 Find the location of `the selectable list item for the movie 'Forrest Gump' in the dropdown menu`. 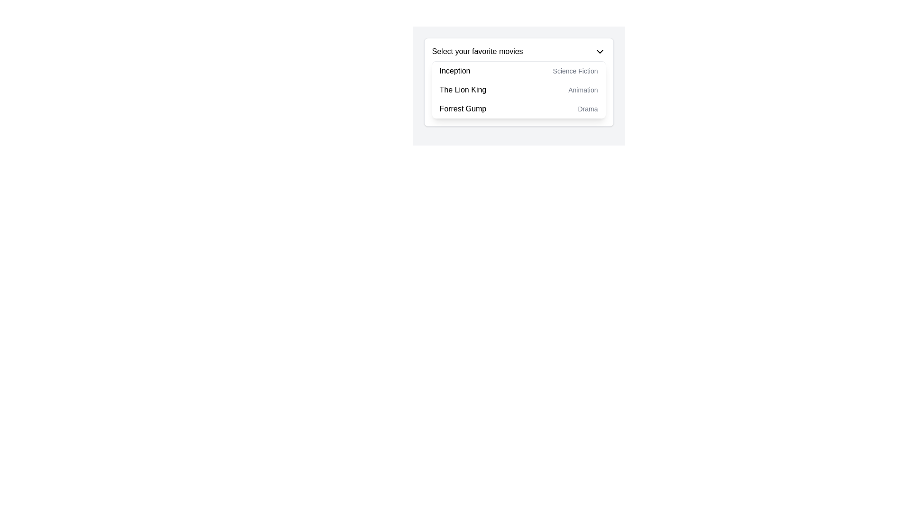

the selectable list item for the movie 'Forrest Gump' in the dropdown menu is located at coordinates (518, 109).